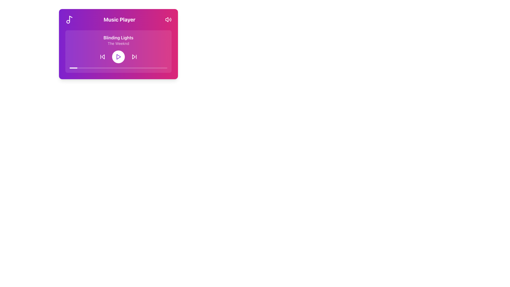  What do you see at coordinates (118, 51) in the screenshot?
I see `the play button in the Music playback interface component` at bounding box center [118, 51].